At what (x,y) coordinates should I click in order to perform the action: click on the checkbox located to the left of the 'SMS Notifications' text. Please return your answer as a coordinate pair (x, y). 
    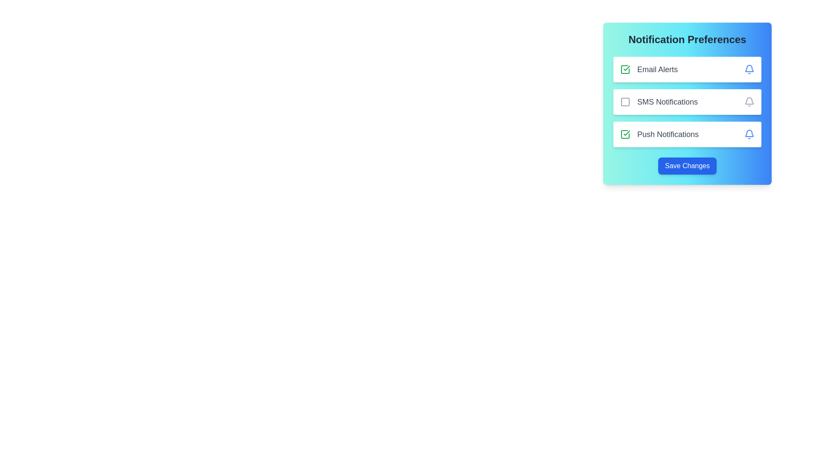
    Looking at the image, I should click on (625, 102).